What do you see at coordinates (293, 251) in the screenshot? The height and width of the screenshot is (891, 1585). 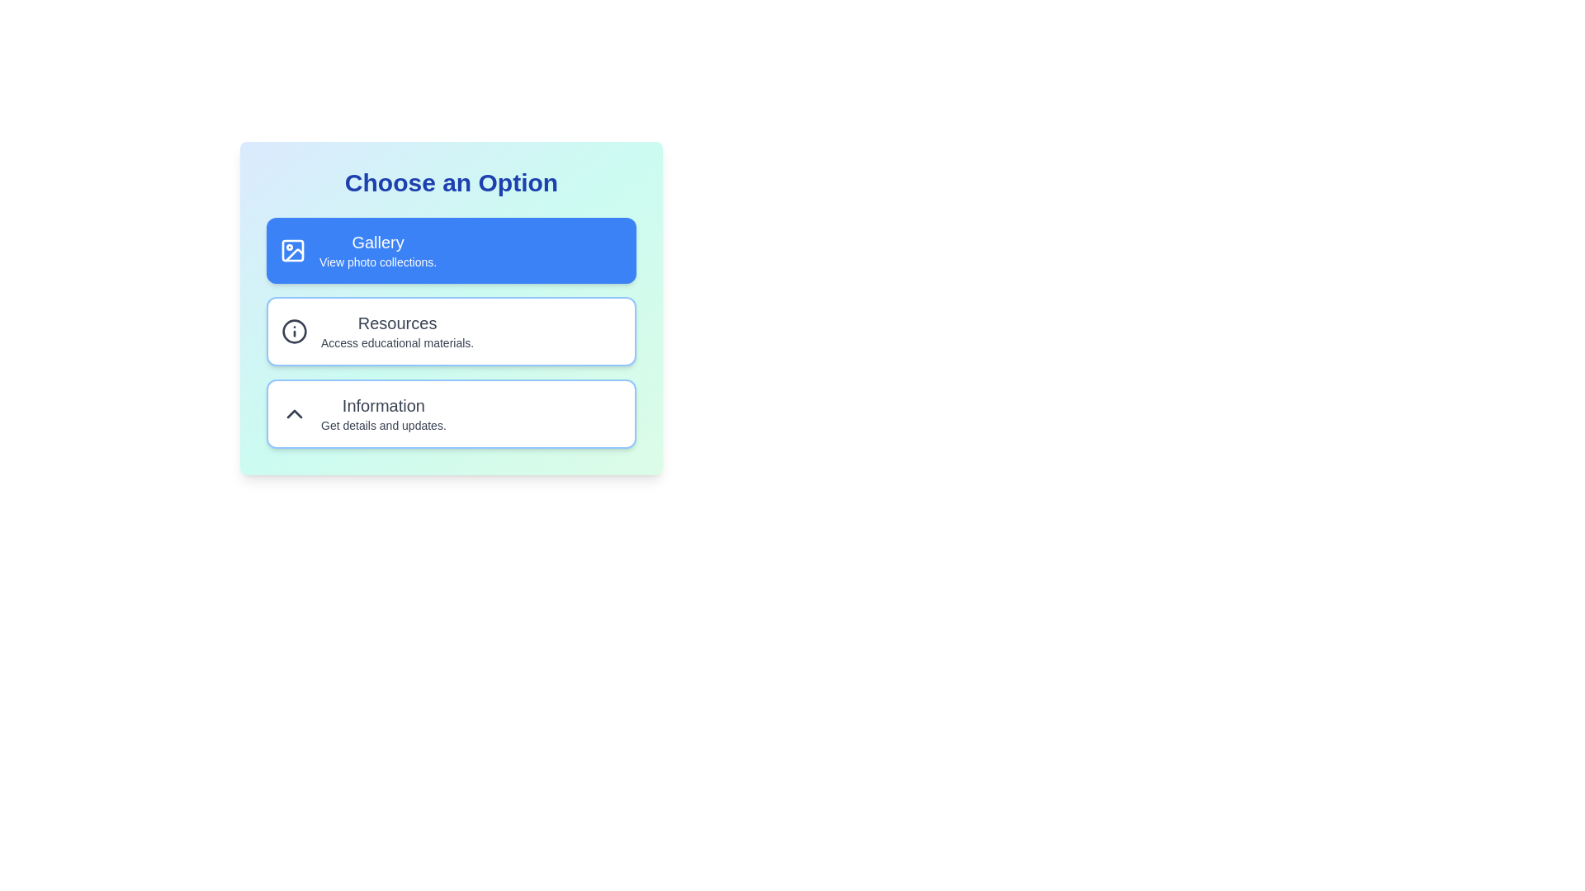 I see `the Gallery icon, which is the leftmost component of the Gallery button, visually representing images or photo collections` at bounding box center [293, 251].